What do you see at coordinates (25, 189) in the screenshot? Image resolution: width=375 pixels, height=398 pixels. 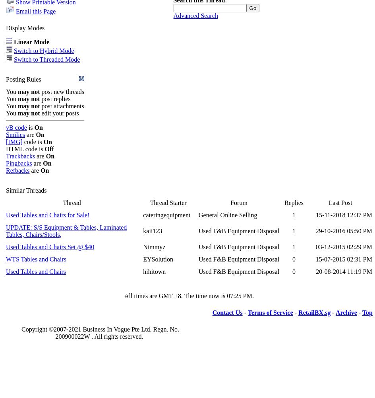 I see `'Similar Threads'` at bounding box center [25, 189].